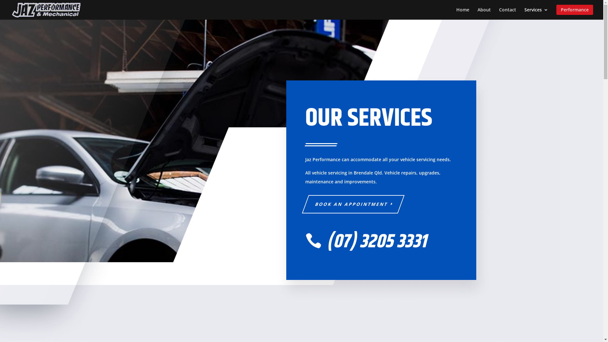 The height and width of the screenshot is (342, 608). Describe the element at coordinates (574, 12) in the screenshot. I see `'Performance'` at that location.